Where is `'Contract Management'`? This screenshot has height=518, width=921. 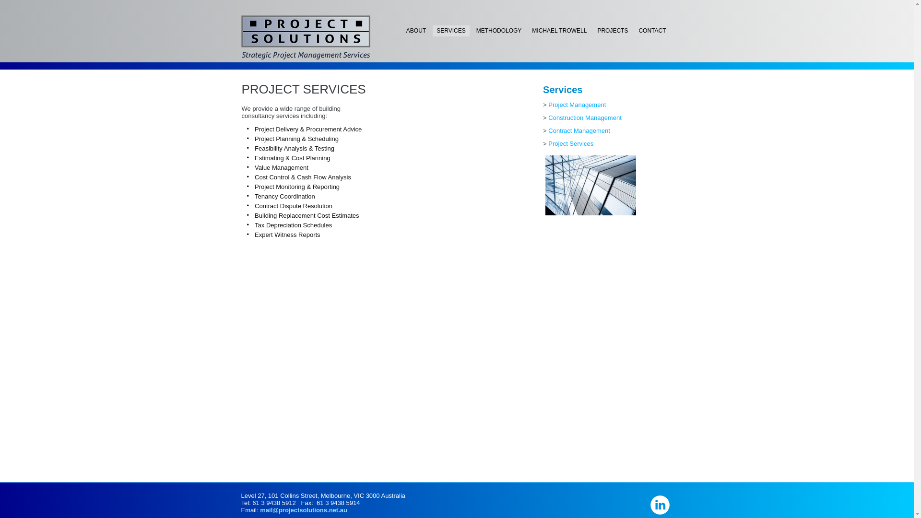 'Contract Management' is located at coordinates (548, 130).